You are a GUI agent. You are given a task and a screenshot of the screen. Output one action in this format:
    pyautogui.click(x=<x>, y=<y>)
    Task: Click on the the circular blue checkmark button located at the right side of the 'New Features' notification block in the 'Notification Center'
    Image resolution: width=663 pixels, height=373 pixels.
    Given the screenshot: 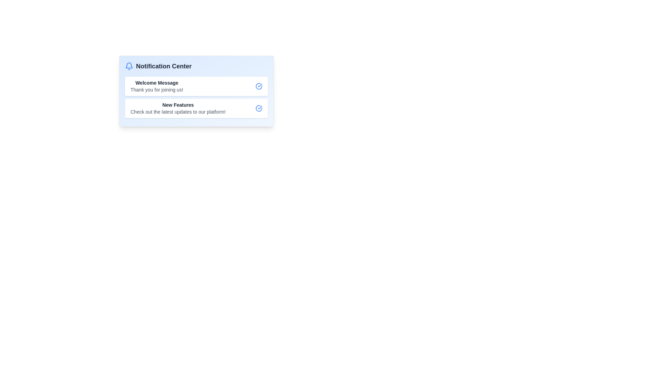 What is the action you would take?
    pyautogui.click(x=258, y=108)
    